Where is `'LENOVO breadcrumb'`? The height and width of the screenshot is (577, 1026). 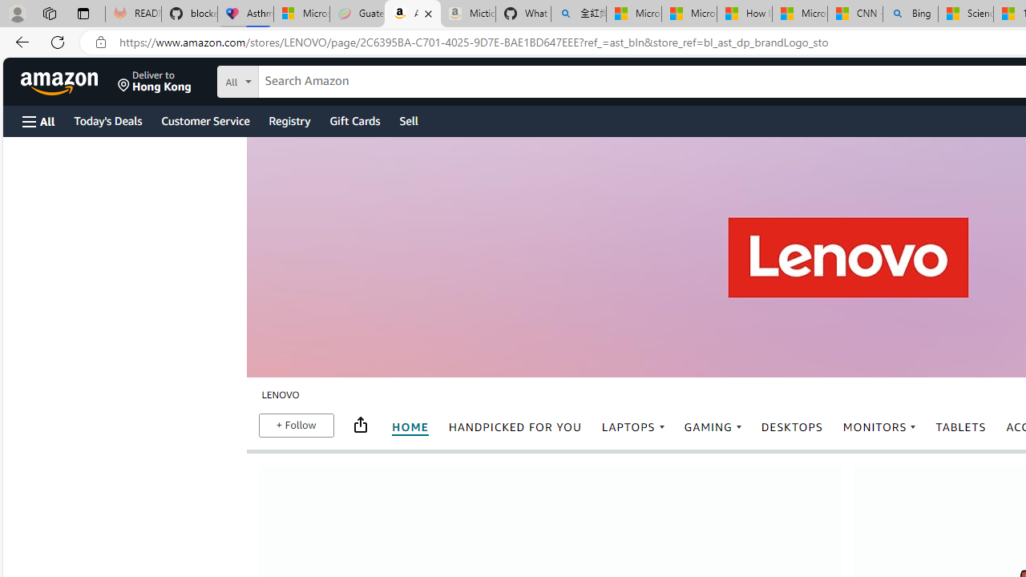
'LENOVO breadcrumb' is located at coordinates (279, 396).